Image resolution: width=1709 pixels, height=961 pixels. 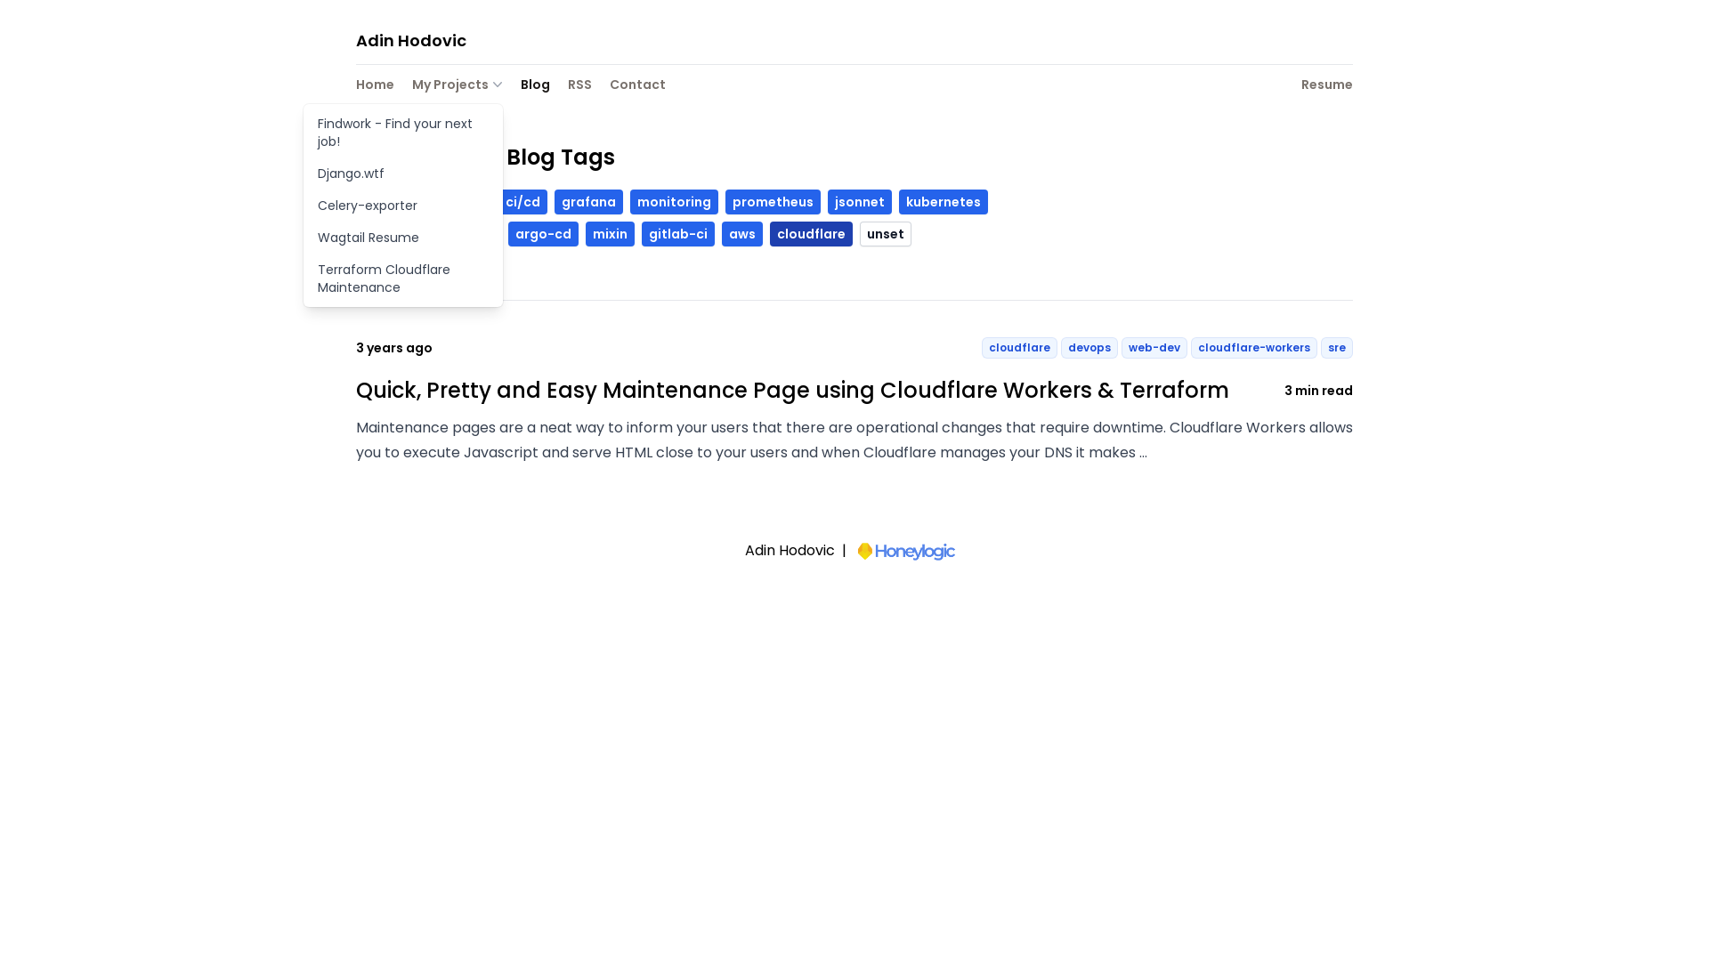 What do you see at coordinates (579, 85) in the screenshot?
I see `'RSS'` at bounding box center [579, 85].